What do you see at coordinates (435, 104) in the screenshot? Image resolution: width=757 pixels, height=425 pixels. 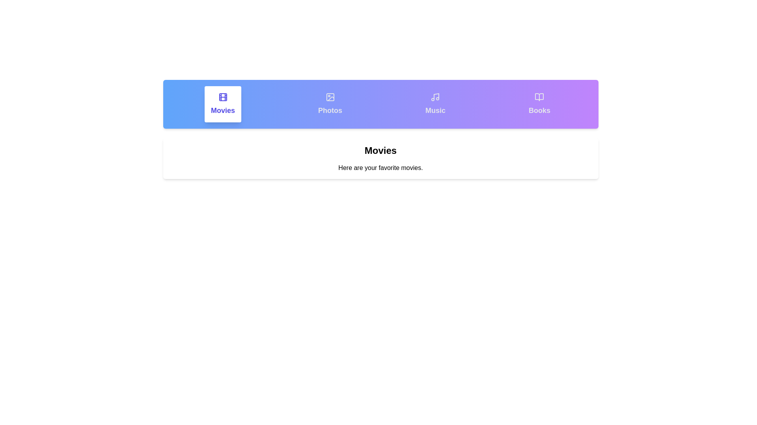 I see `the Music tab to view its hover effects` at bounding box center [435, 104].